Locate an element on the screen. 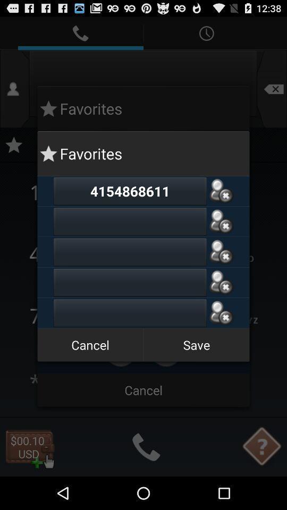 Image resolution: width=287 pixels, height=510 pixels. delet contact is located at coordinates (221, 191).